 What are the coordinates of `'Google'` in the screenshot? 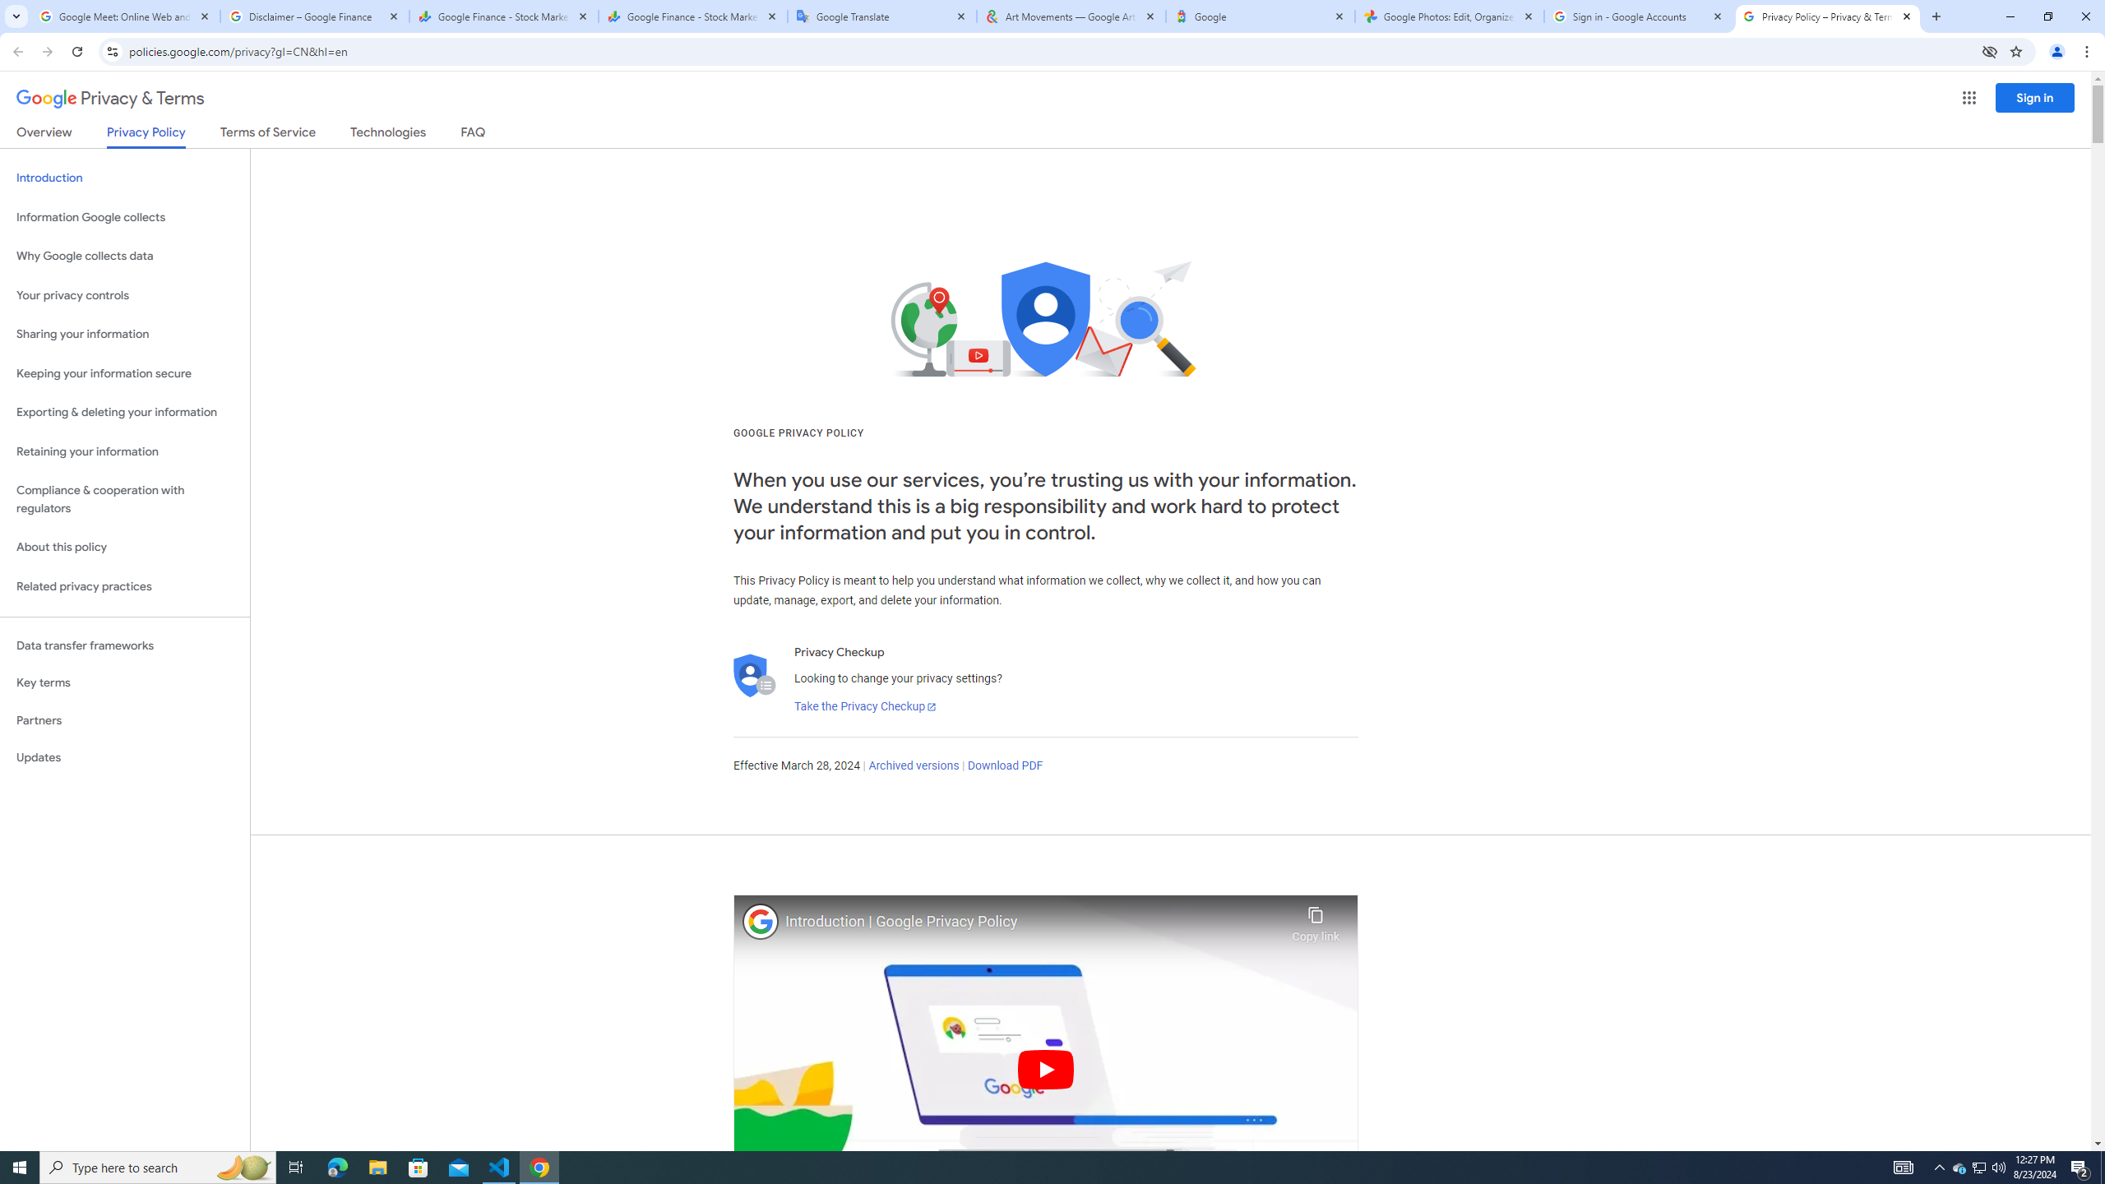 It's located at (1260, 16).